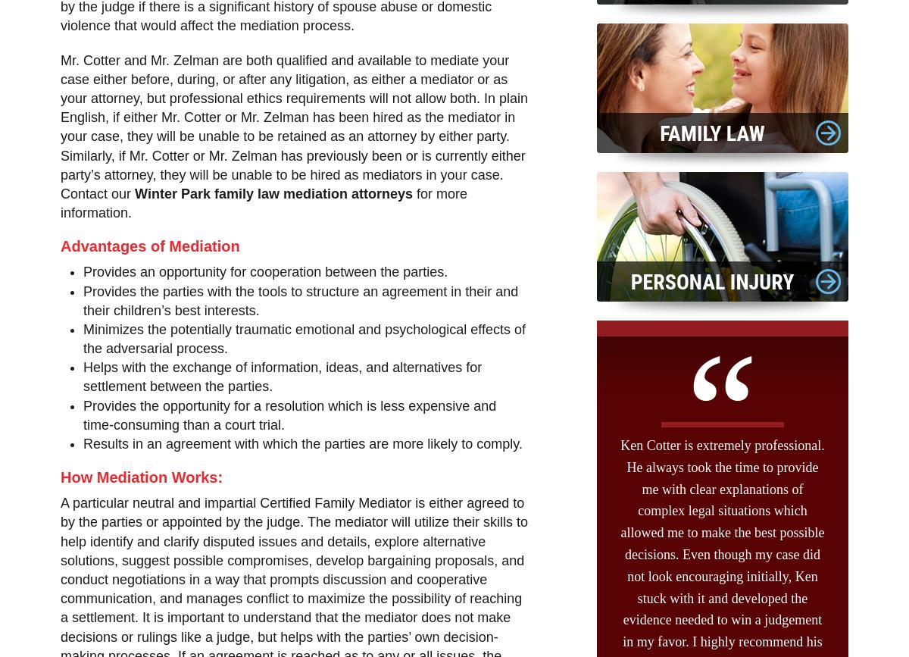 This screenshot has width=909, height=657. Describe the element at coordinates (265, 272) in the screenshot. I see `'Provides an opportunity for cooperation between the parties.'` at that location.